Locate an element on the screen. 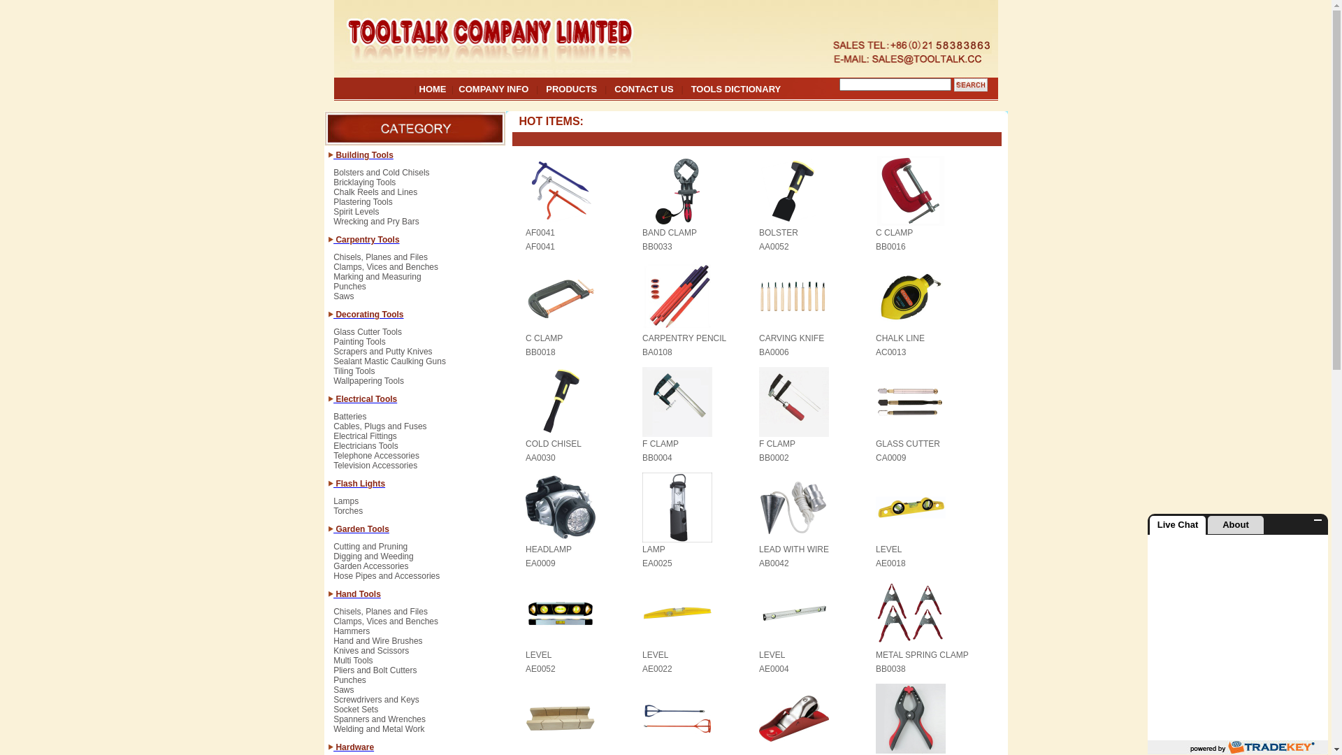 The width and height of the screenshot is (1342, 755). 'LEAD WITH WIRE' is located at coordinates (758, 549).